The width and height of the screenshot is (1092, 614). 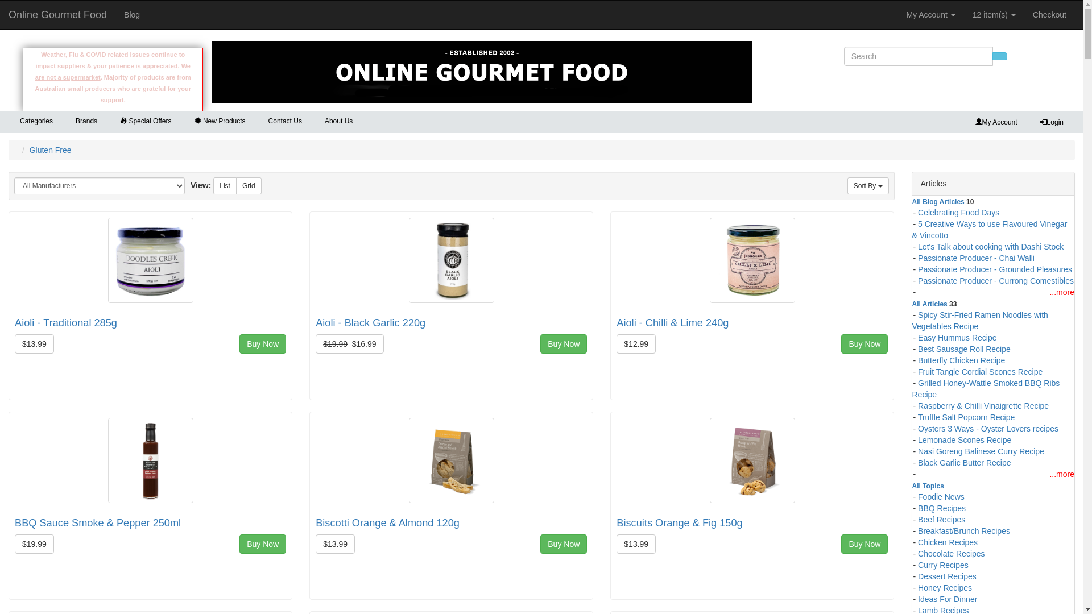 What do you see at coordinates (912, 484) in the screenshot?
I see `'All Topics'` at bounding box center [912, 484].